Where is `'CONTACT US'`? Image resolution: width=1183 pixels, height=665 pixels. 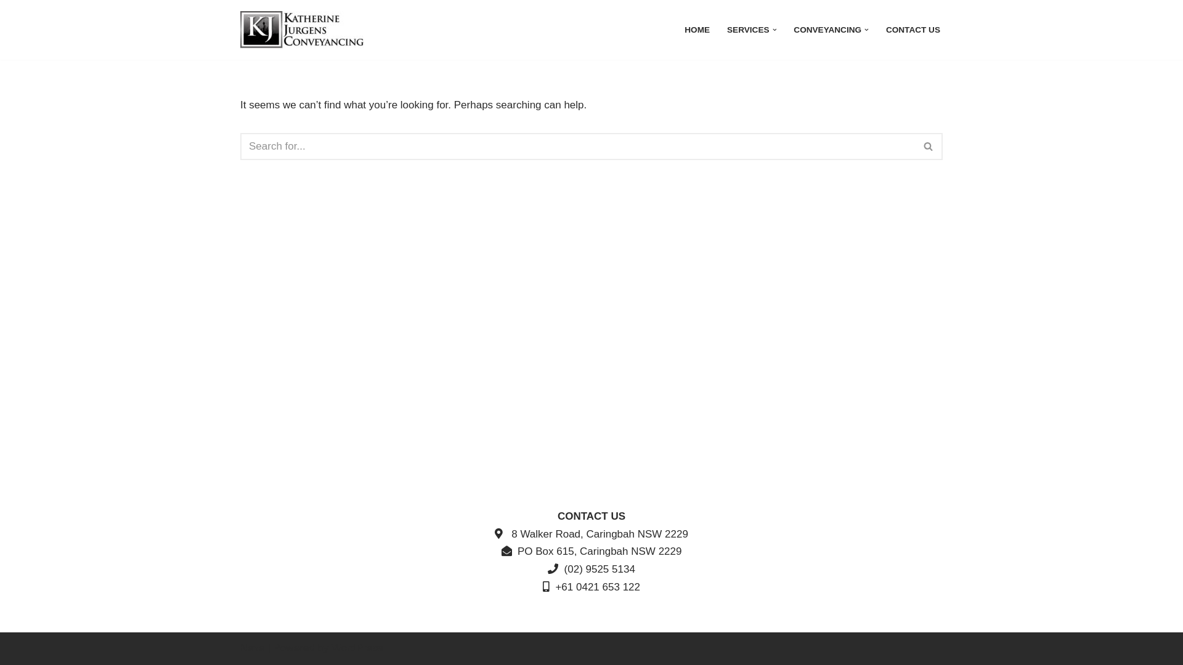
'CONTACT US' is located at coordinates (913, 29).